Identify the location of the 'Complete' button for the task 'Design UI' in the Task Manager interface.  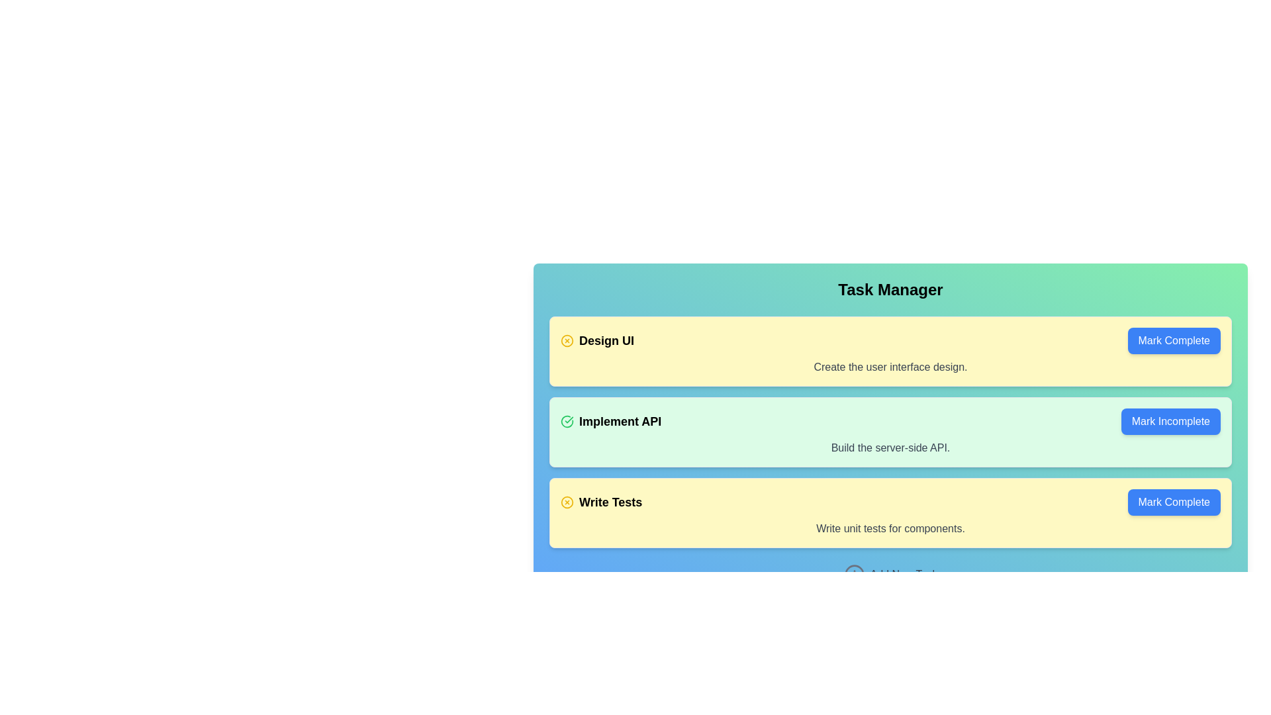
(1174, 340).